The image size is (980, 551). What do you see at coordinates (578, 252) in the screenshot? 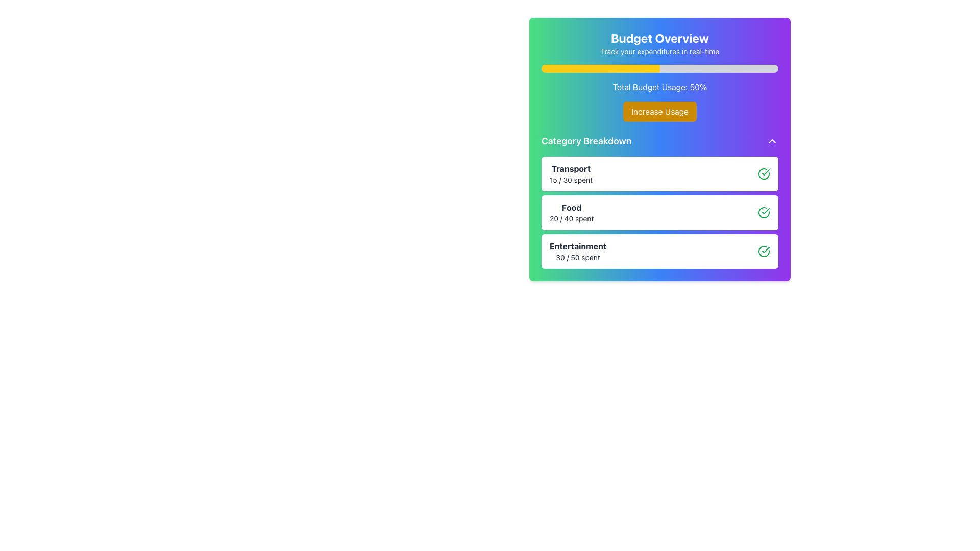
I see `text content of the Text Display Component labeled 'Entertainment' which shows '30 / 50 spent' beneath it` at bounding box center [578, 252].